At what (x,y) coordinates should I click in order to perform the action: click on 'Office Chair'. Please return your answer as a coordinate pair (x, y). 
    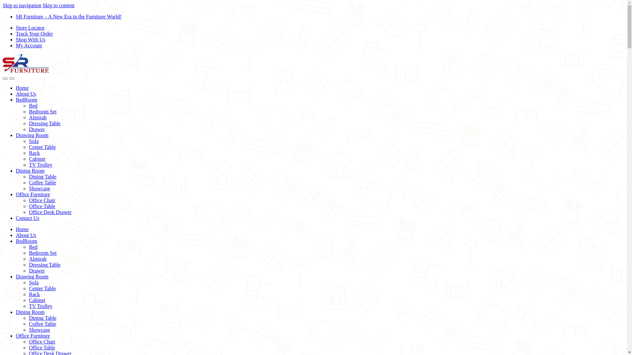
    Looking at the image, I should click on (42, 341).